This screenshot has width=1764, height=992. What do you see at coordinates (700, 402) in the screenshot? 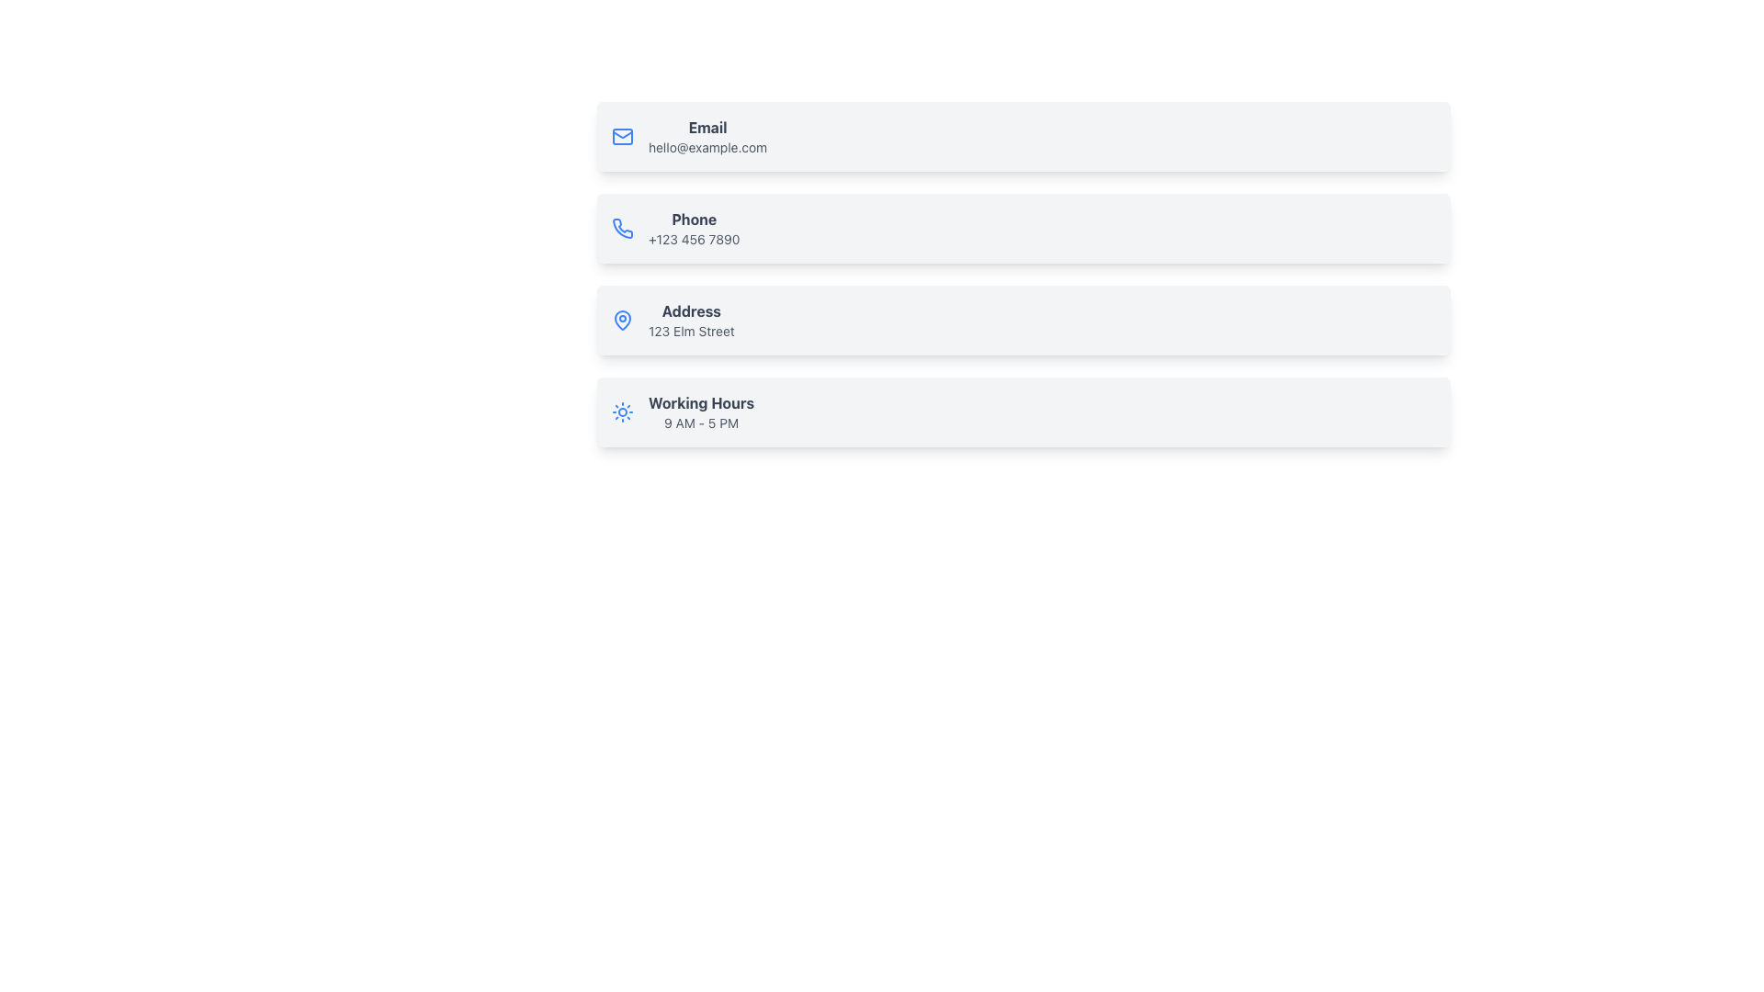
I see `the 'Working Hours' text label, which is bold and darker gray, located at the top of the information block above '9 AM - 5 PM'` at bounding box center [700, 402].